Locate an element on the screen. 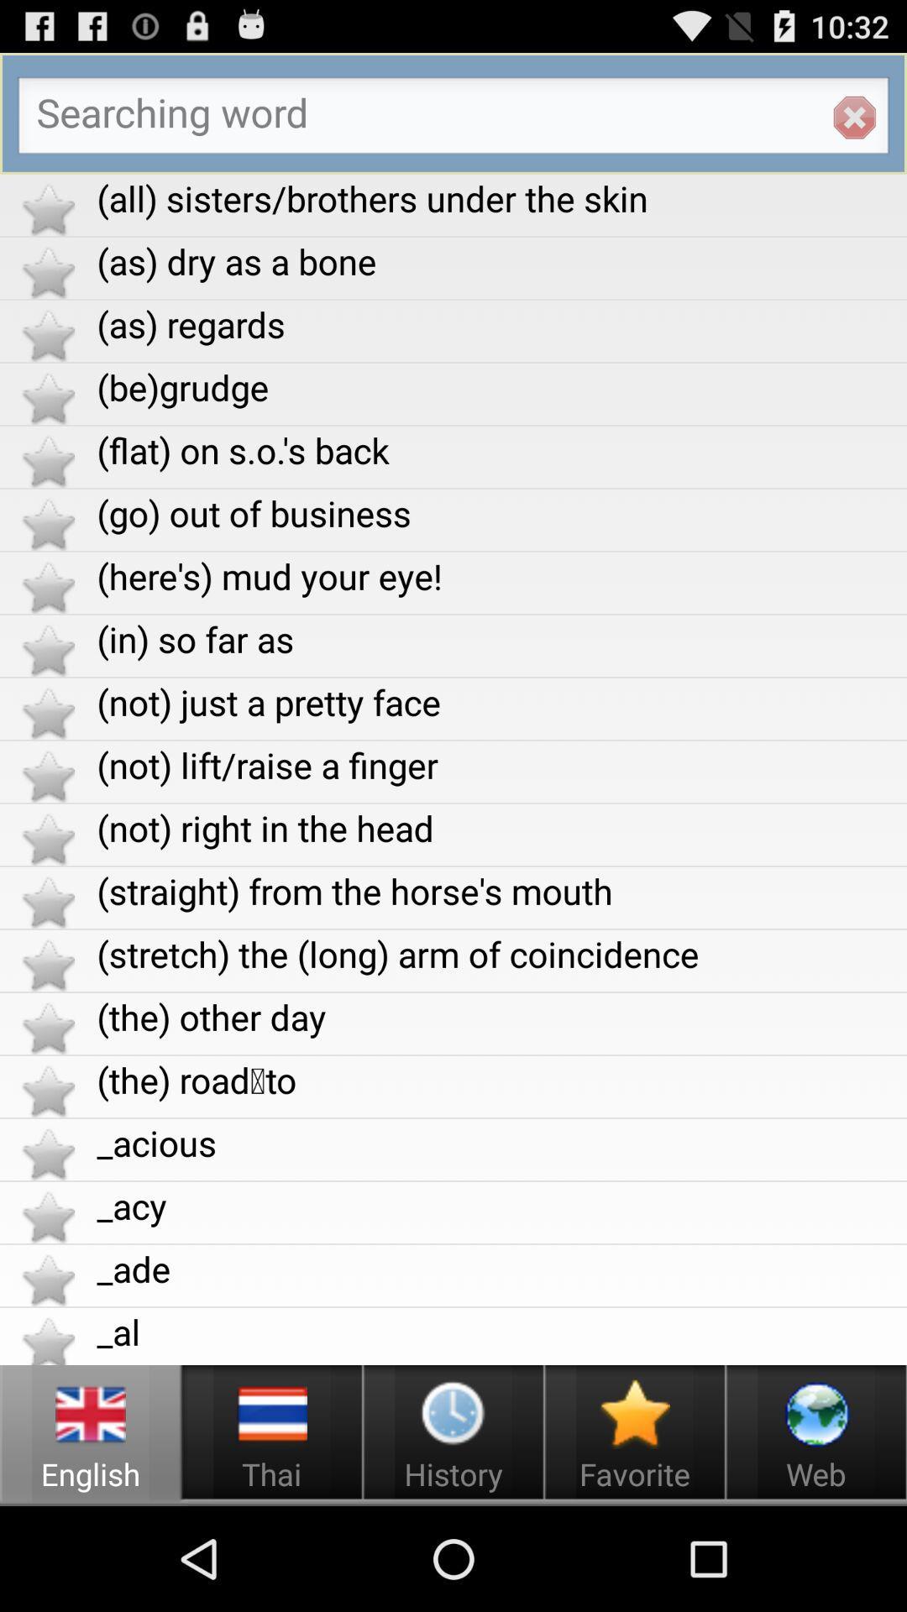  search is located at coordinates (453, 118).